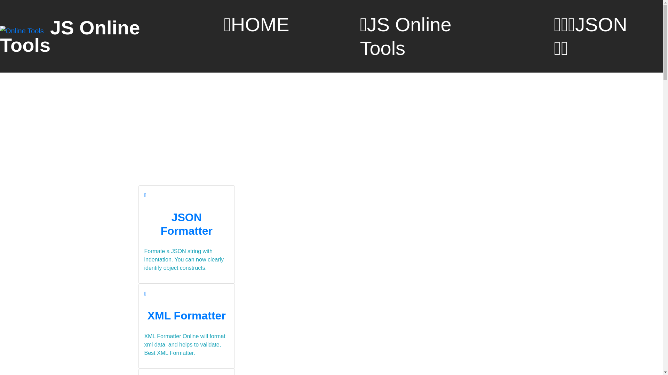 The width and height of the screenshot is (668, 375). Describe the element at coordinates (145, 195) in the screenshot. I see `'json formatter'` at that location.